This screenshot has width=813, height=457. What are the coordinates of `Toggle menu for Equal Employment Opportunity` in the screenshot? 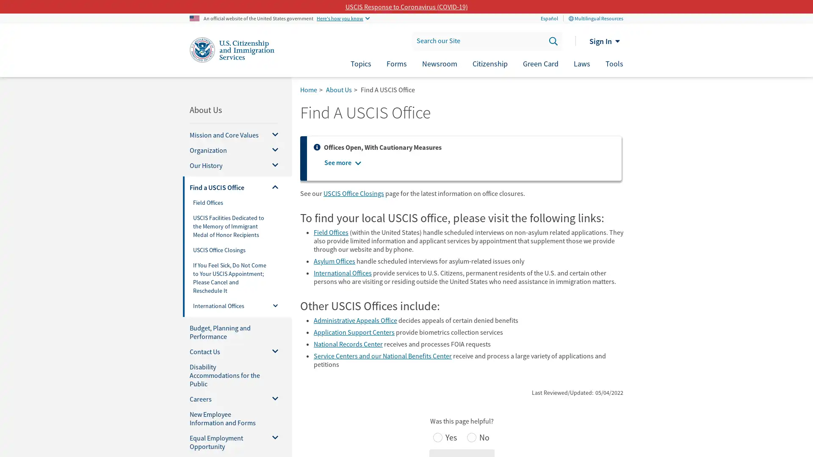 It's located at (272, 442).